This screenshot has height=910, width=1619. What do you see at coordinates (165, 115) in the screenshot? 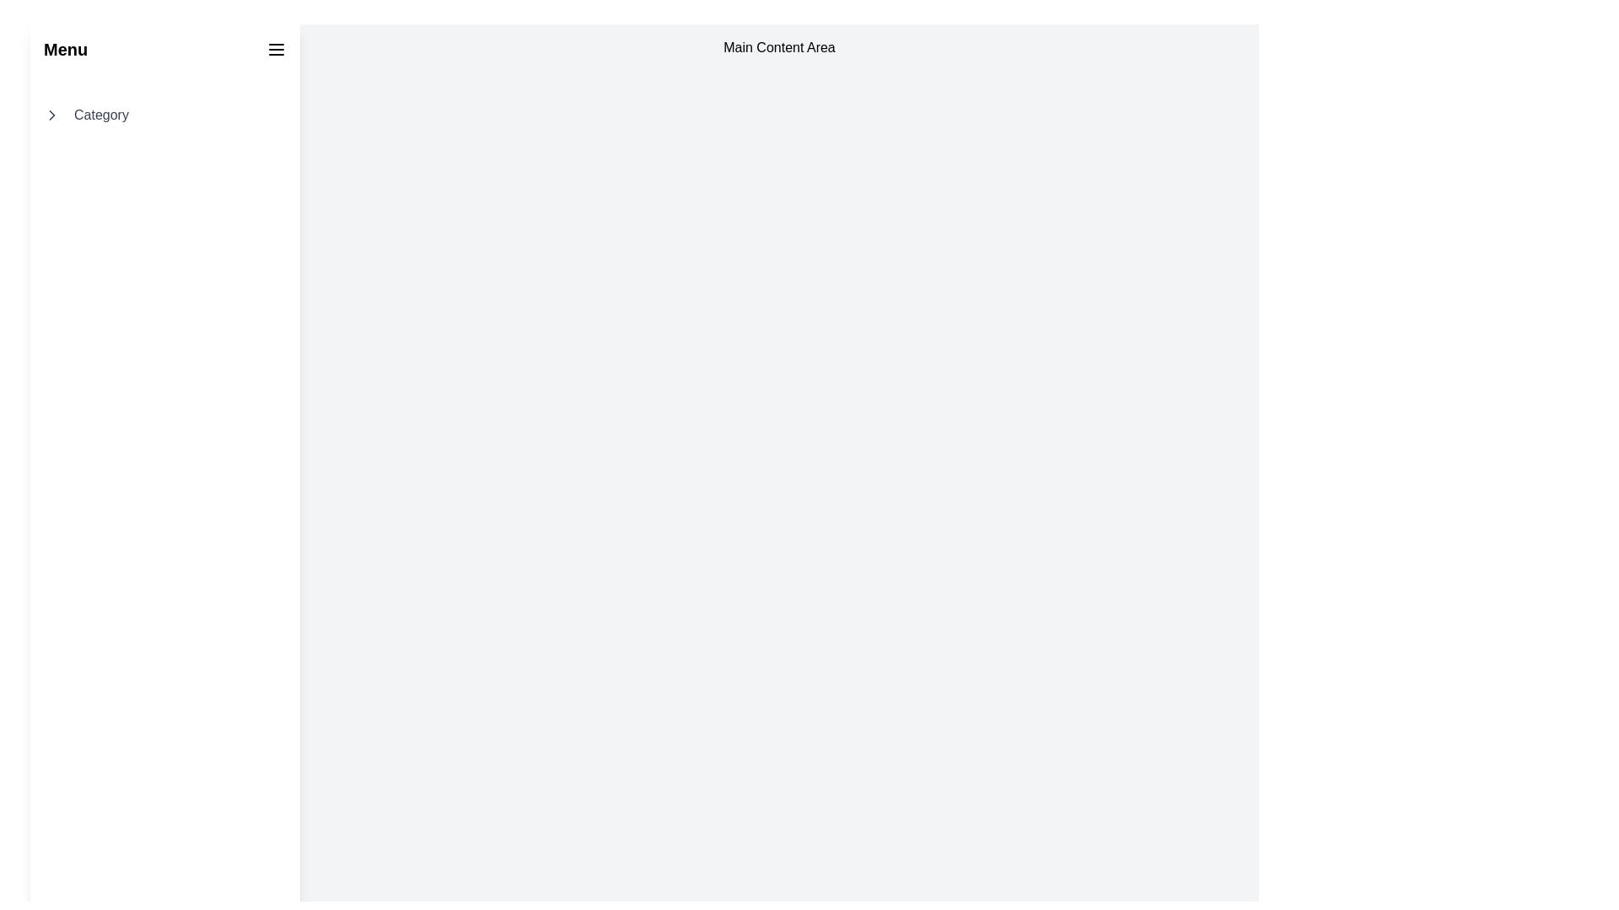
I see `the 'Category' menu item in the vertical sidebar menu` at bounding box center [165, 115].